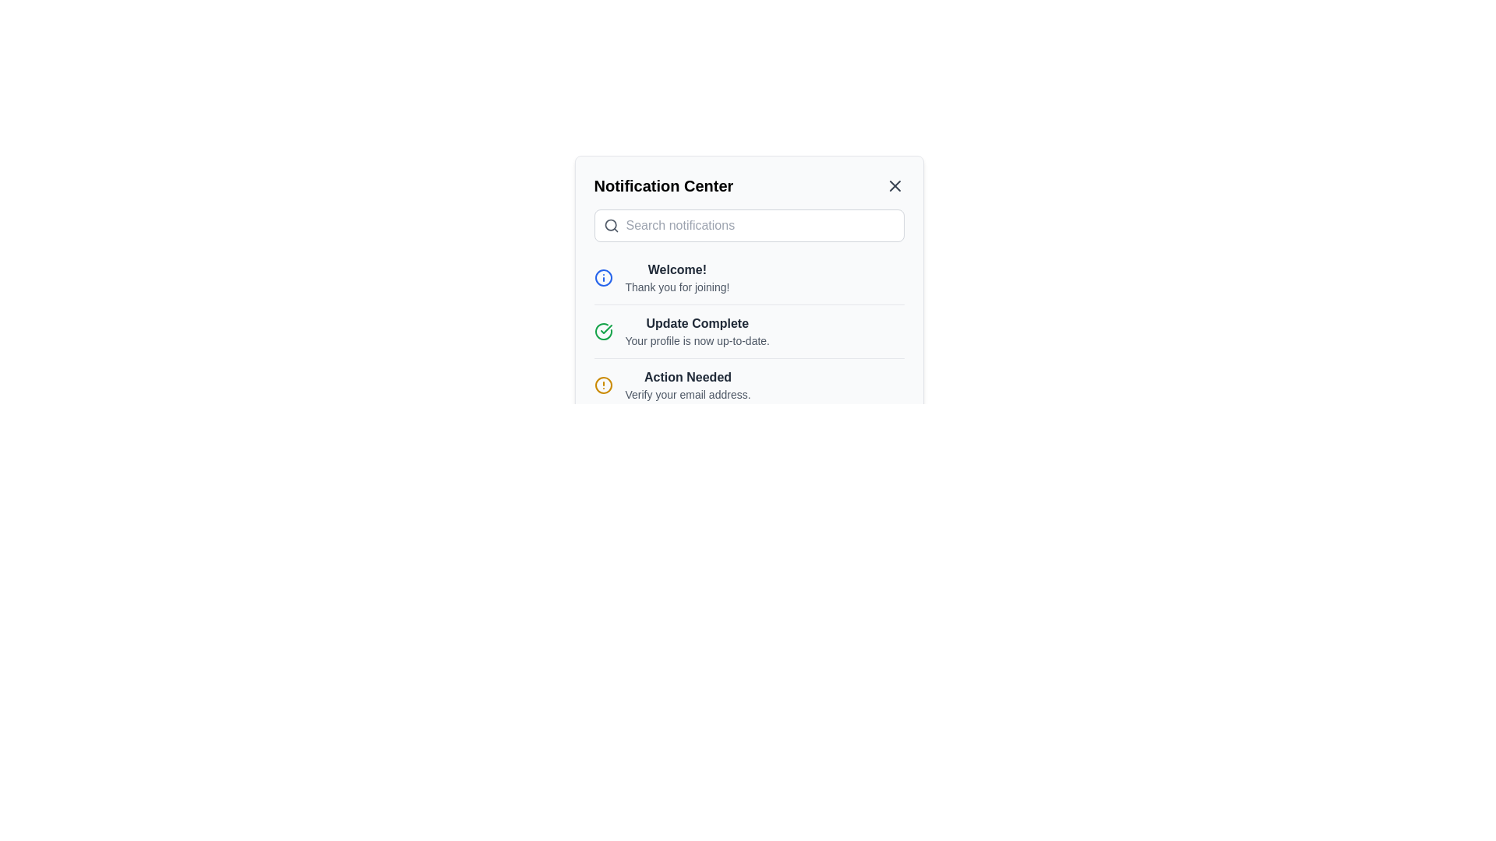 The width and height of the screenshot is (1496, 841). I want to click on the informational message icon located on the left side of the text content within the notification card, so click(602, 277).